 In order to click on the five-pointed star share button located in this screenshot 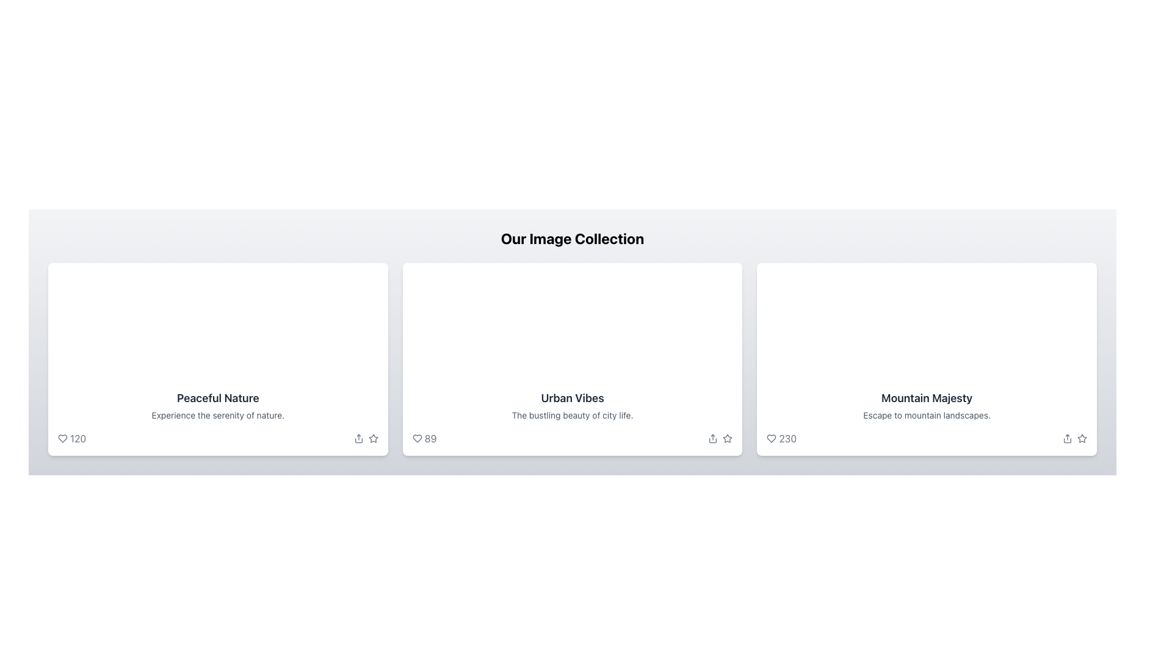, I will do `click(1082, 438)`.